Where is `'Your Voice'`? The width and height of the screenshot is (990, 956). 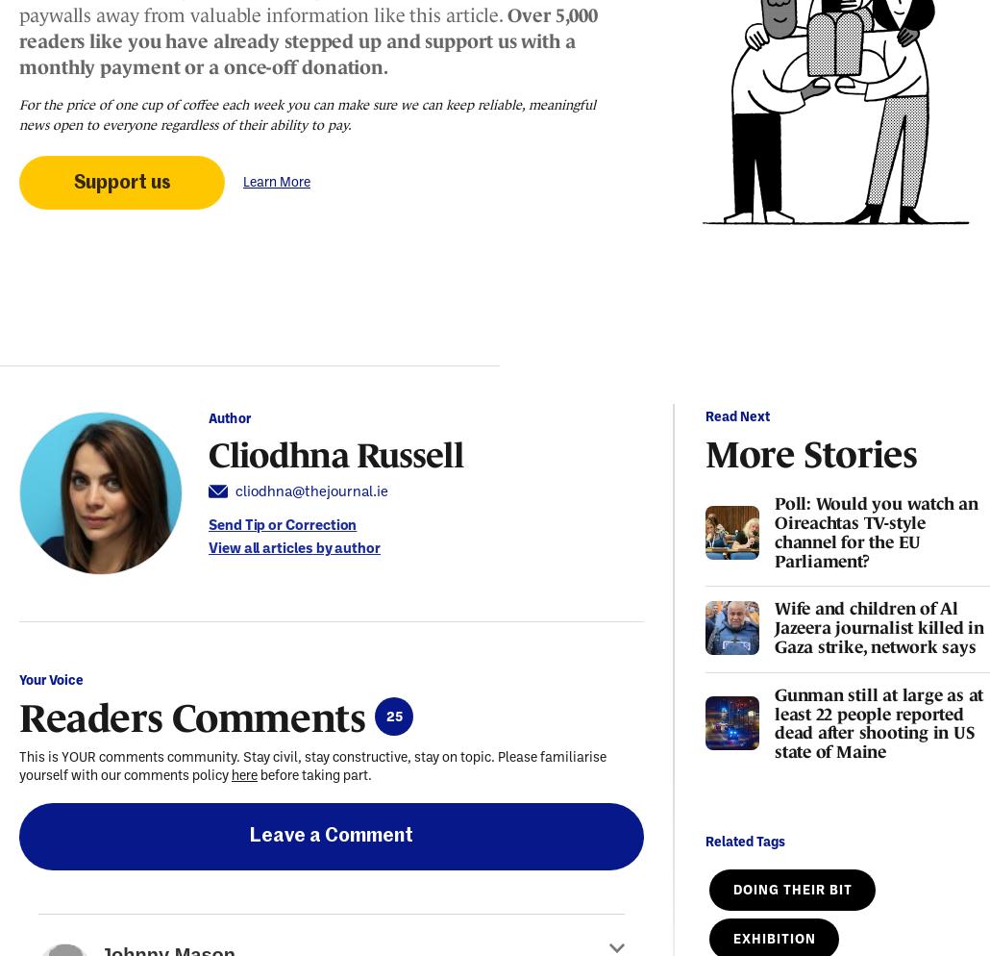 'Your Voice' is located at coordinates (51, 678).